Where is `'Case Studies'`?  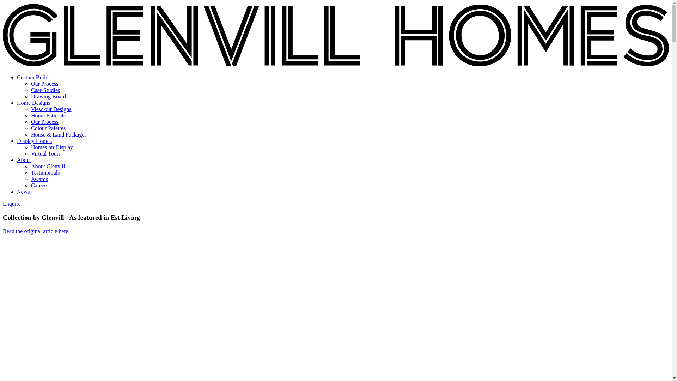 'Case Studies' is located at coordinates (45, 90).